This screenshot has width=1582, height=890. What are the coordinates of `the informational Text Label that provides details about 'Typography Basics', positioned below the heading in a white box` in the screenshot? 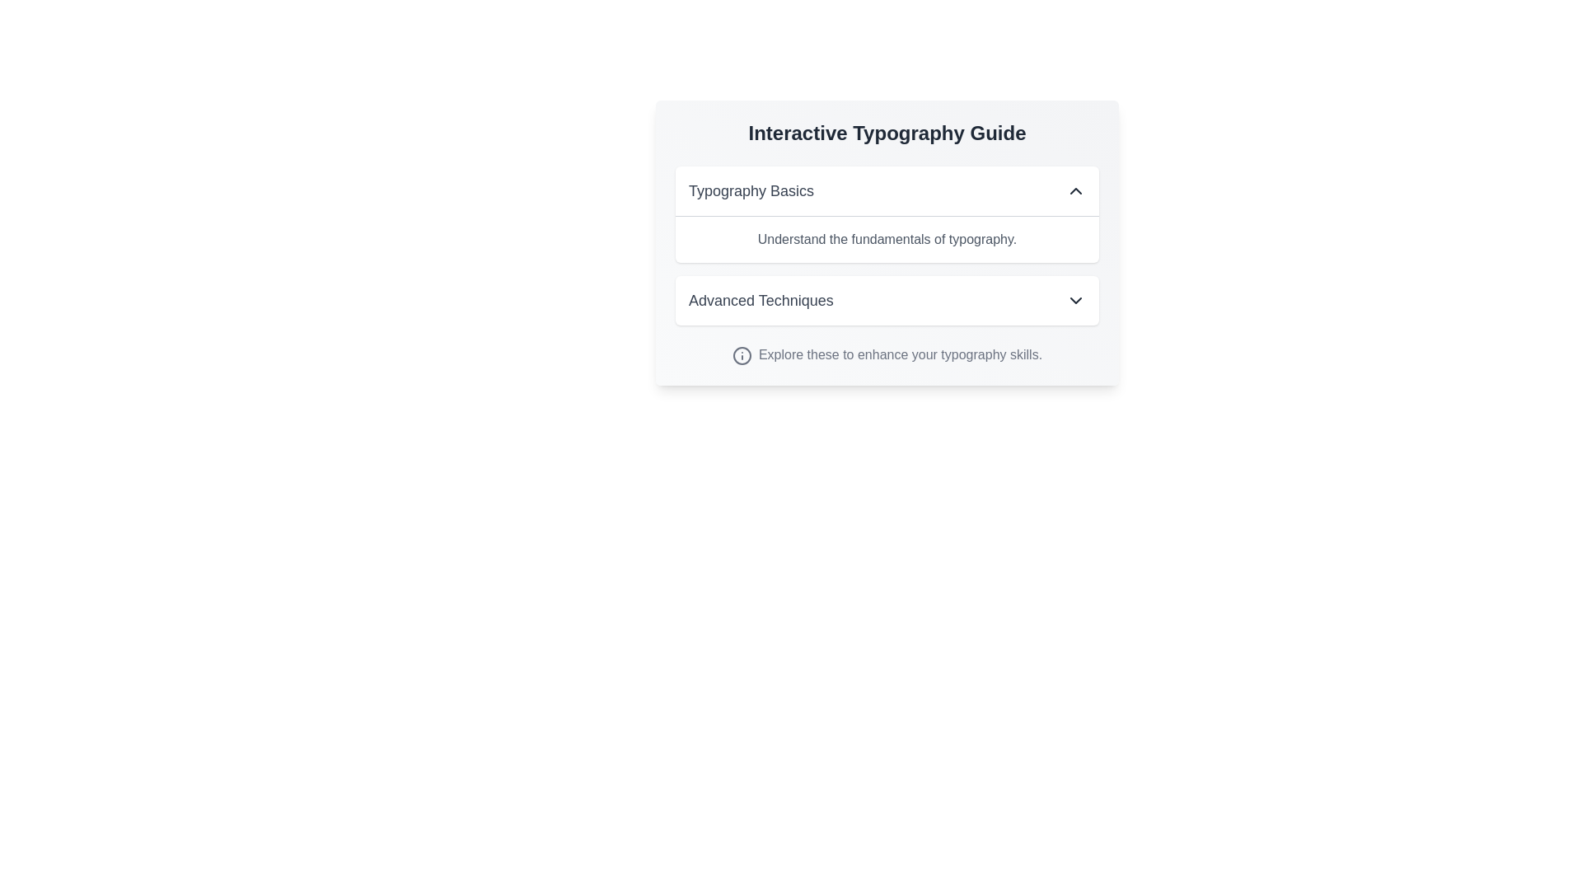 It's located at (886, 239).